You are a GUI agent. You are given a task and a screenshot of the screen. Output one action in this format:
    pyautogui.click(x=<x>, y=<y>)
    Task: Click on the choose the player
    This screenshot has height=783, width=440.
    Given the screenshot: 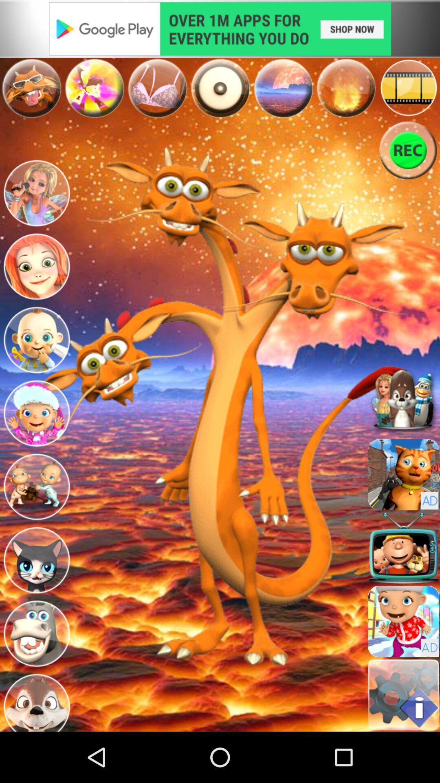 What is the action you would take?
    pyautogui.click(x=36, y=560)
    